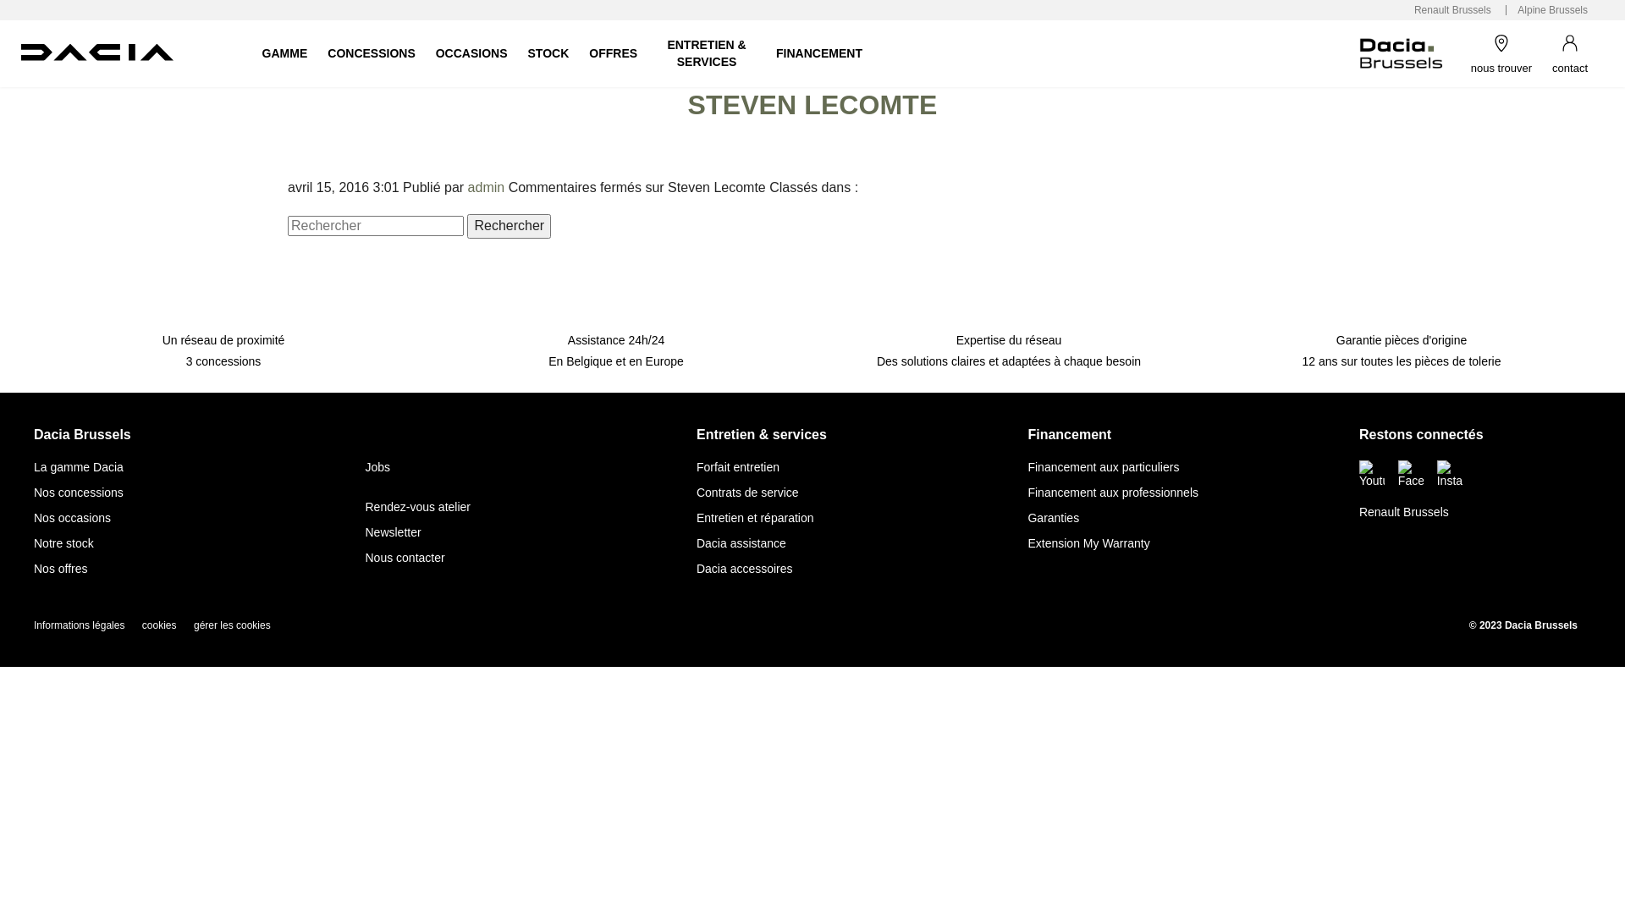 Image resolution: width=1625 pixels, height=914 pixels. What do you see at coordinates (159, 625) in the screenshot?
I see `'cookies'` at bounding box center [159, 625].